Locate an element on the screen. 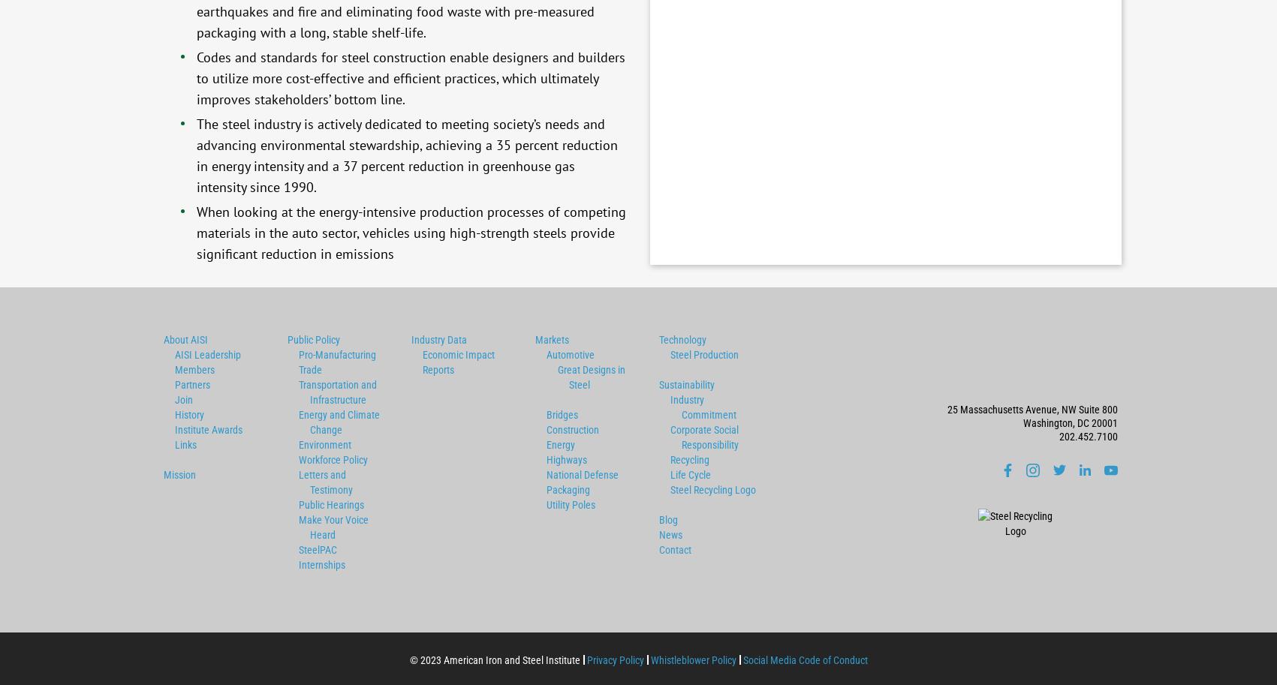 The height and width of the screenshot is (685, 1277). 'Corporate Social Responsibility' is located at coordinates (703, 437).